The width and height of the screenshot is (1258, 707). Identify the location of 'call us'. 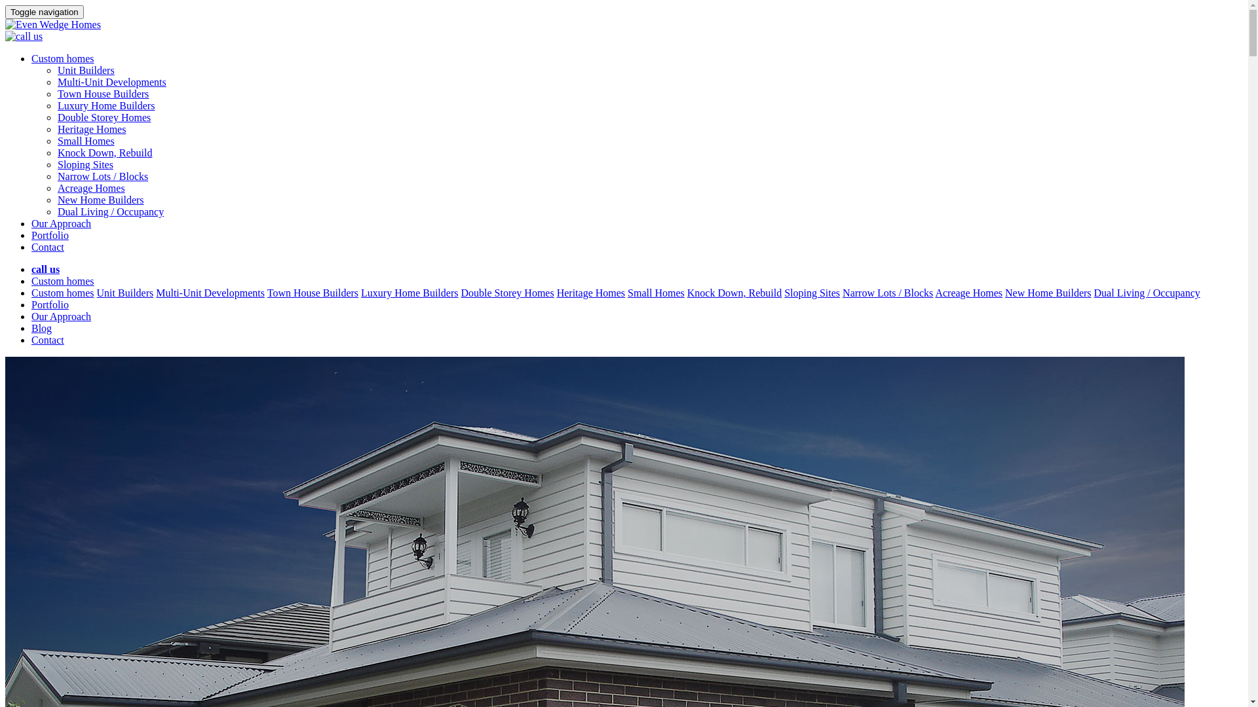
(24, 36).